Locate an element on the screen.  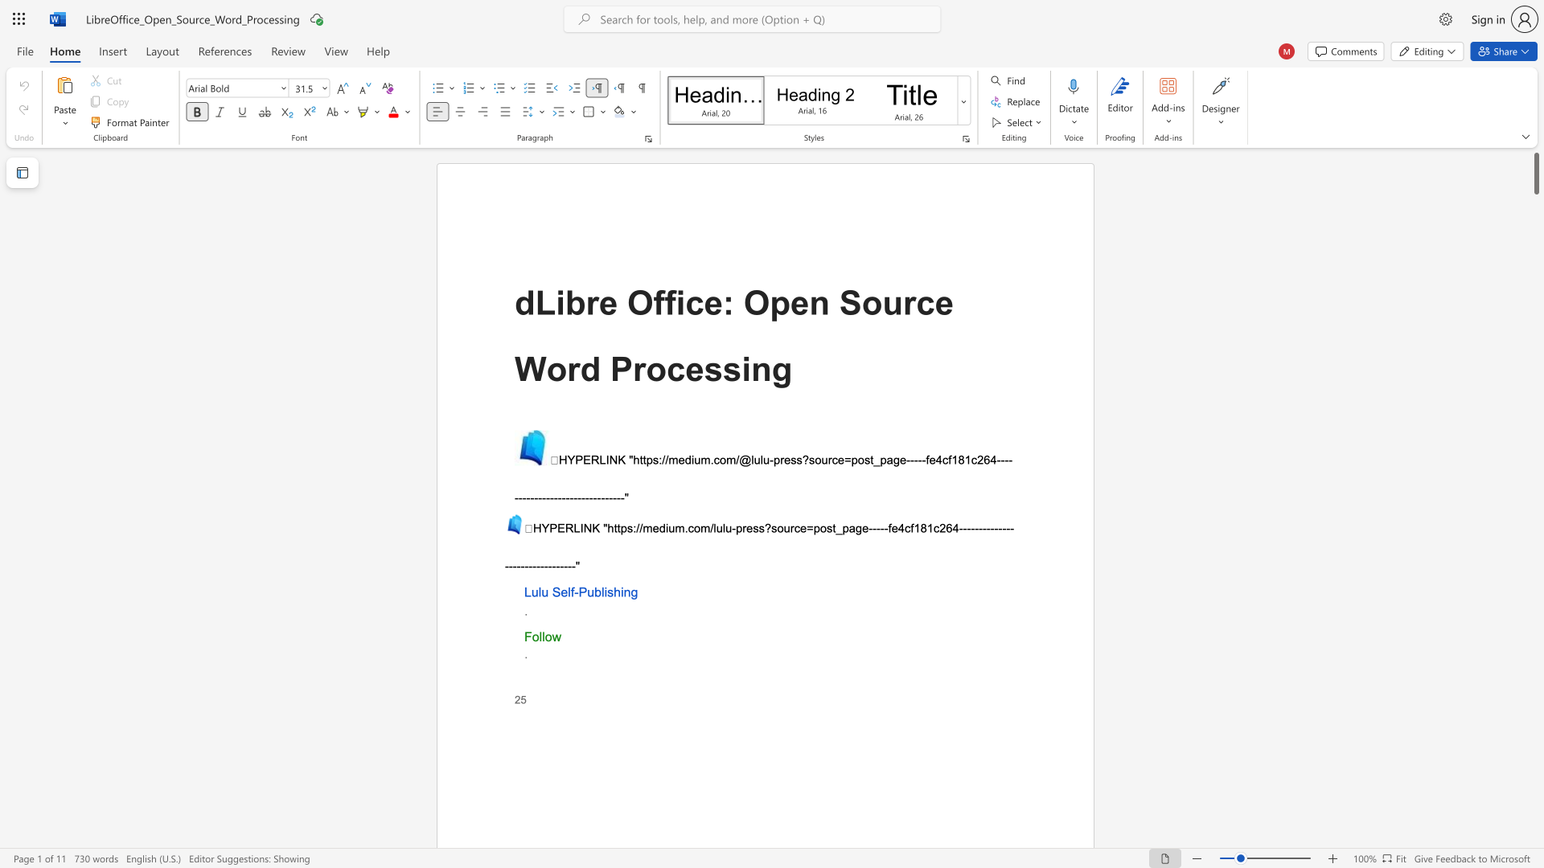
the scrollbar on the right to move the page downward is located at coordinates (1535, 514).